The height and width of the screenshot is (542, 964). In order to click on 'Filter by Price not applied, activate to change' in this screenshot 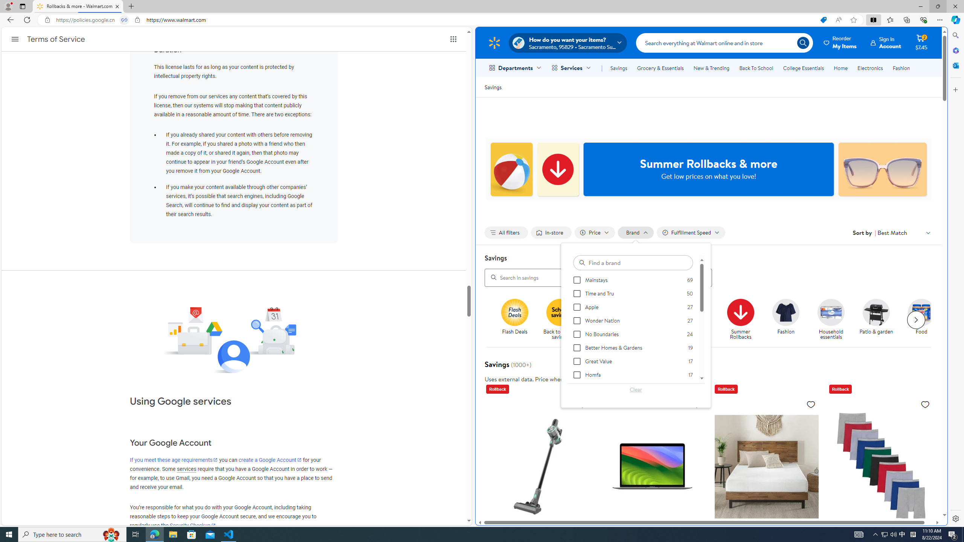, I will do `click(594, 232)`.